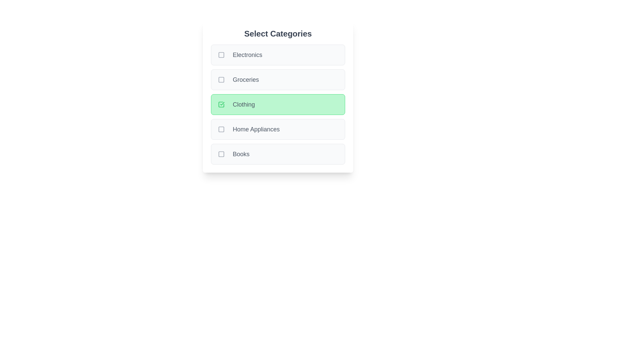 This screenshot has width=644, height=362. What do you see at coordinates (278, 79) in the screenshot?
I see `the category Groceries` at bounding box center [278, 79].